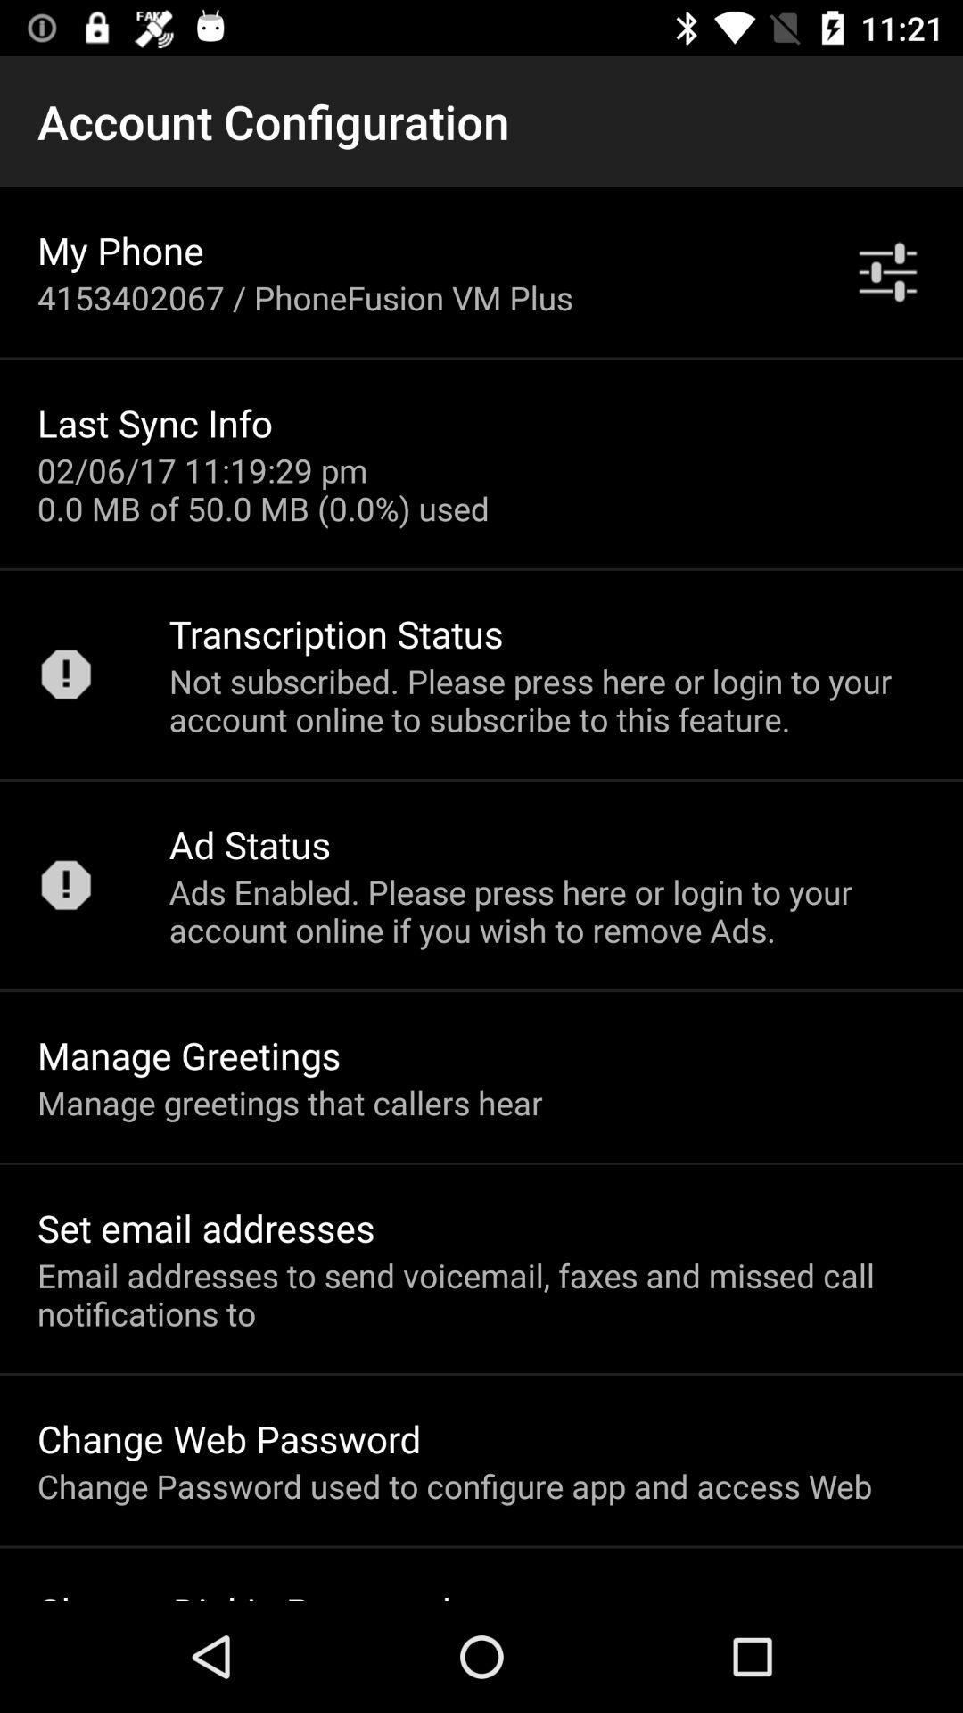  I want to click on the ad status app, so click(250, 843).